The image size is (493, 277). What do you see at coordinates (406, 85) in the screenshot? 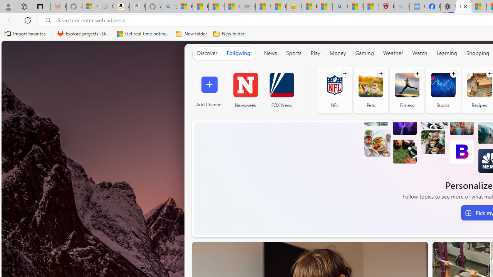
I see `'Fitness'` at bounding box center [406, 85].